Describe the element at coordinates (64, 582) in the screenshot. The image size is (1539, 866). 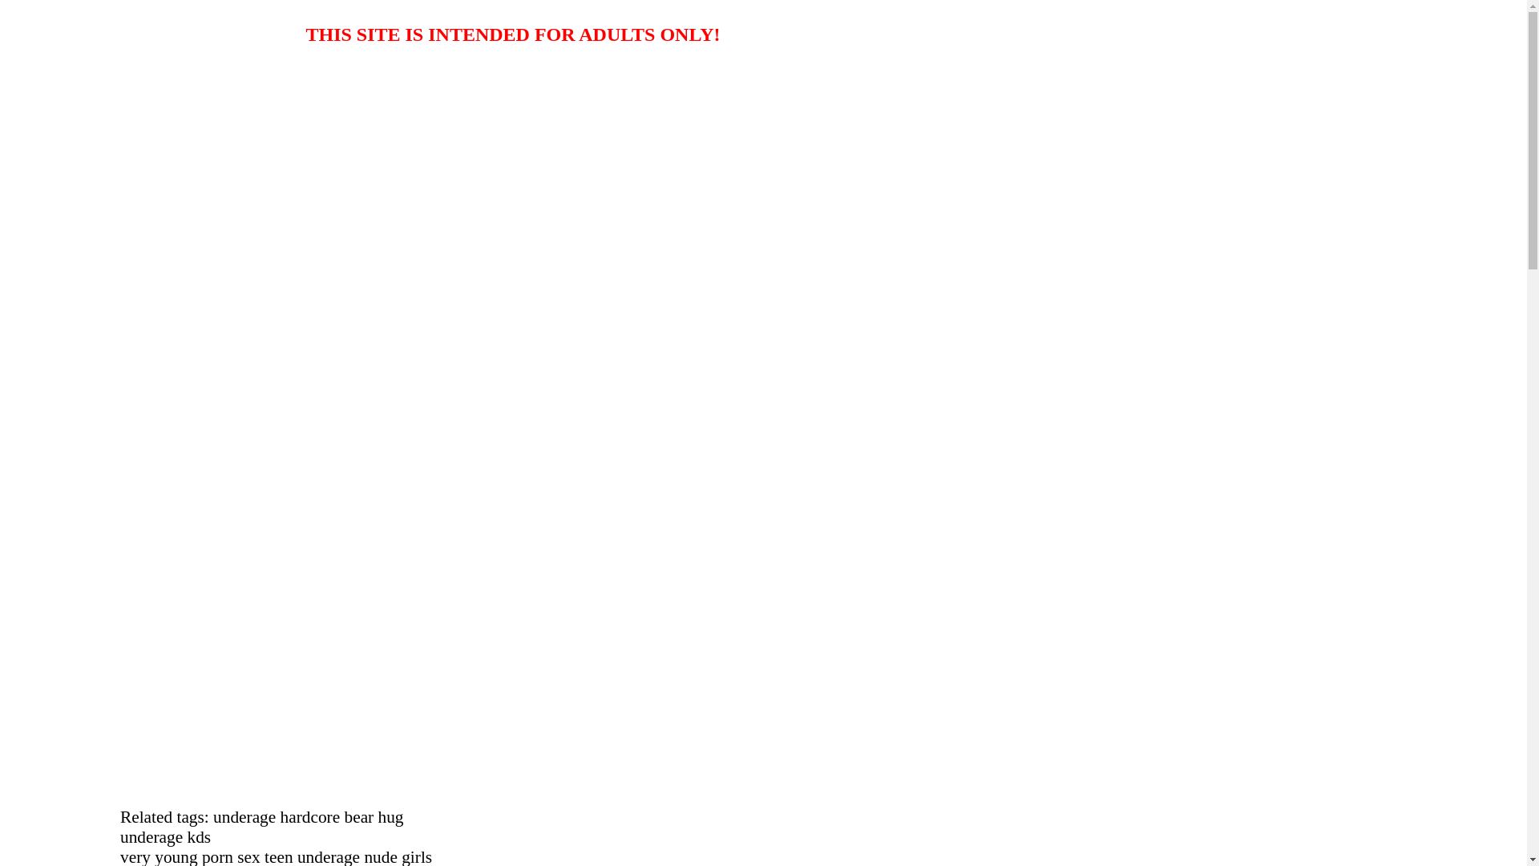
I see `' Search '` at that location.